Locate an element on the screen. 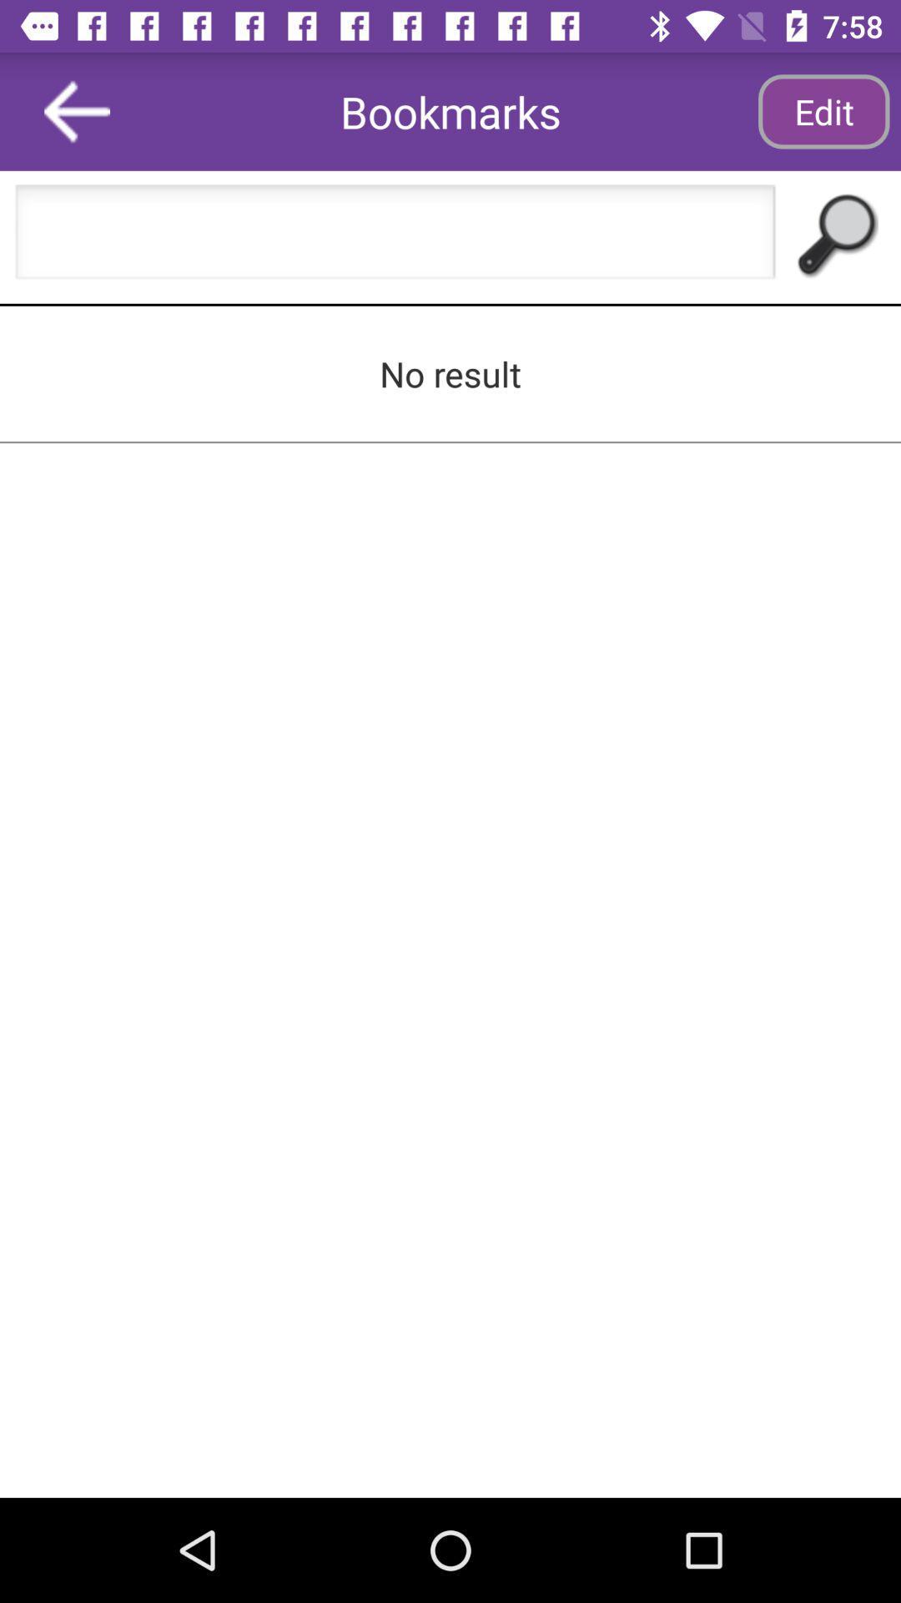 This screenshot has height=1603, width=901. icon next to the bookmarks item is located at coordinates (77, 110).